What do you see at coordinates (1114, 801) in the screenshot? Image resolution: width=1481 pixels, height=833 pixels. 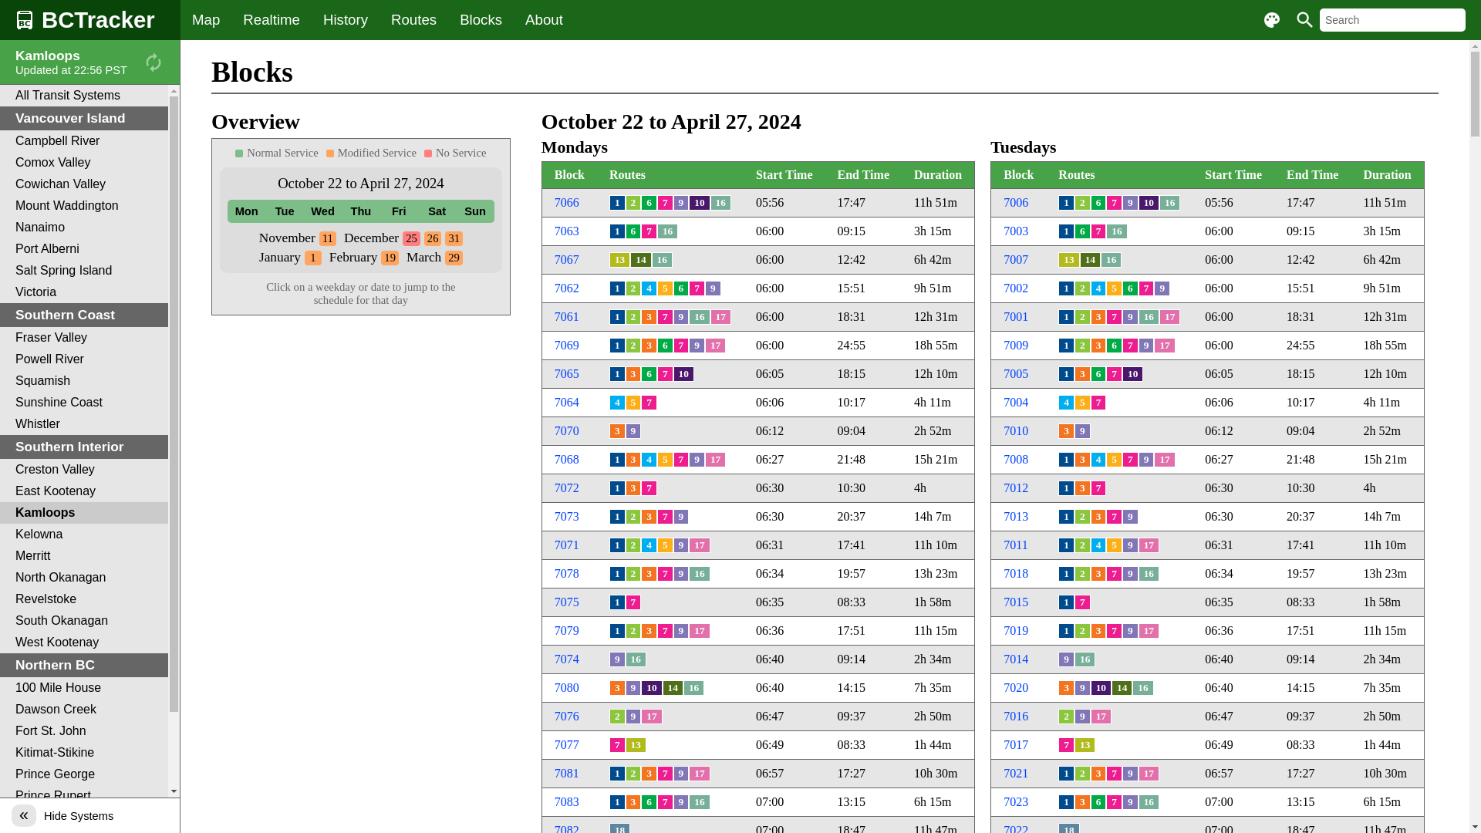 I see `'7'` at bounding box center [1114, 801].